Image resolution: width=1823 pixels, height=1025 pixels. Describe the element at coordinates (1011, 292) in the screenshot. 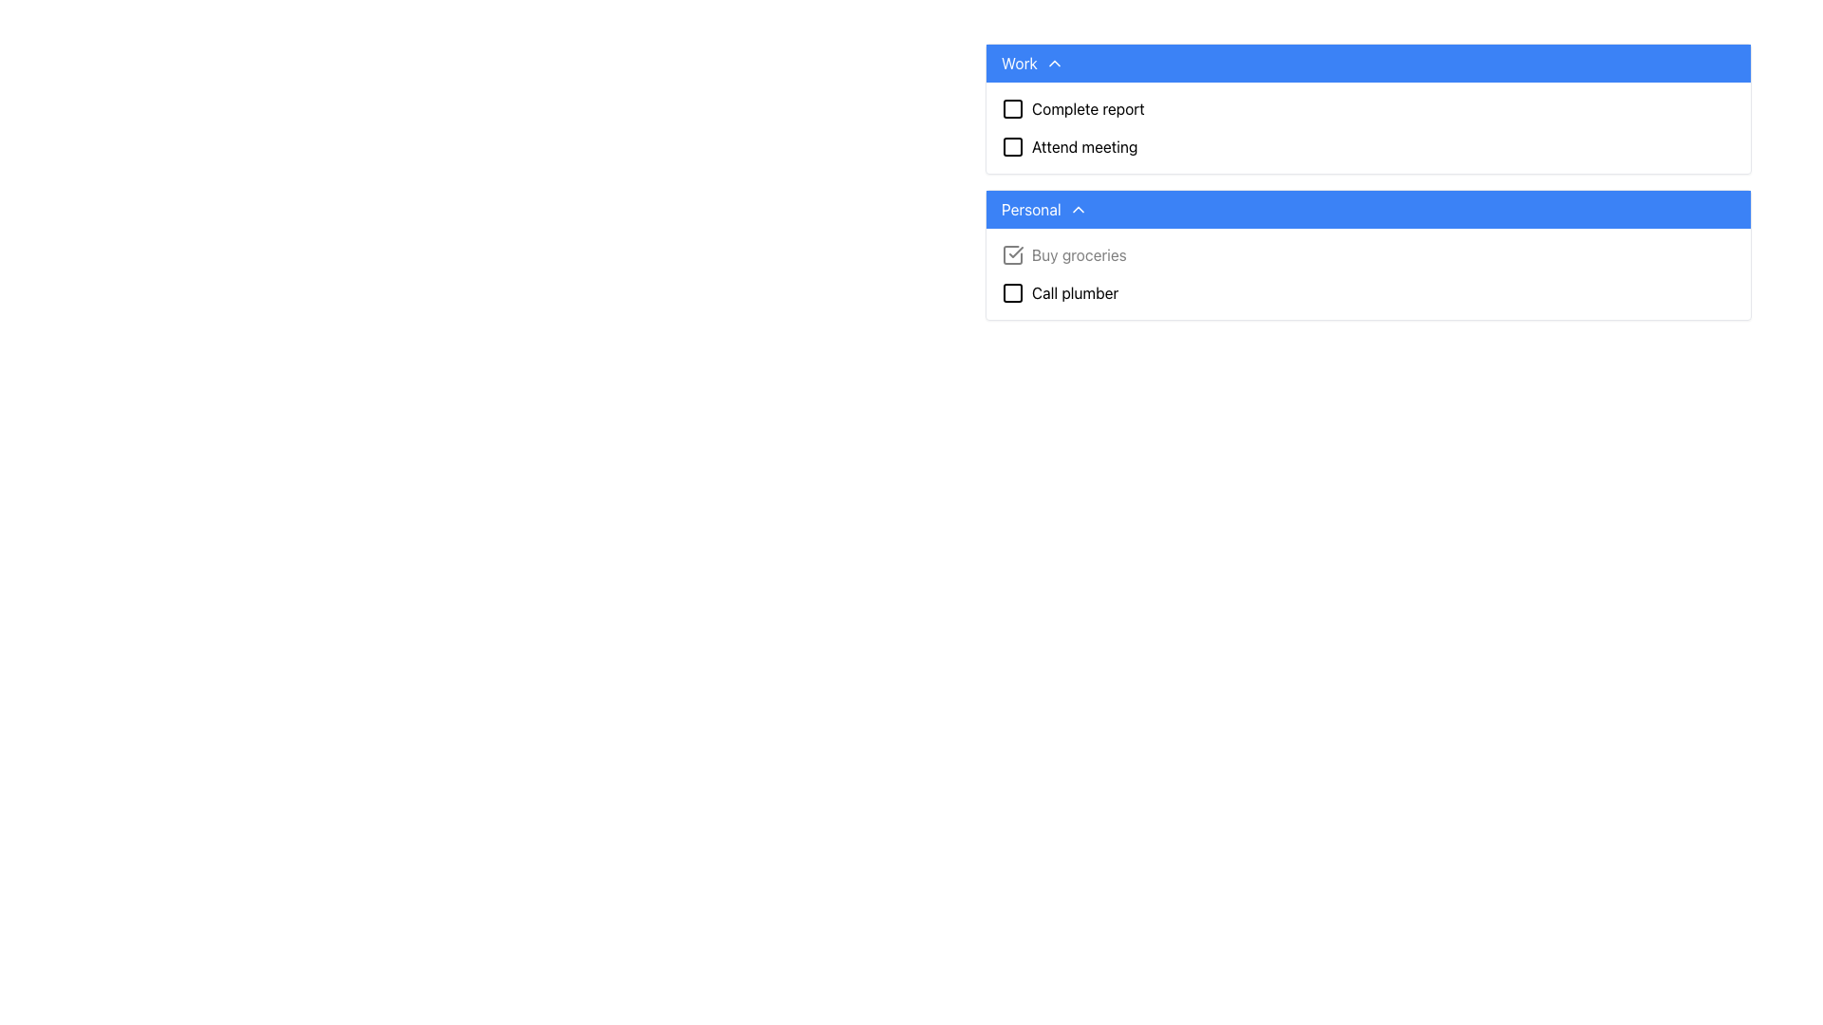

I see `the checkbox styled with a black border and white background` at that location.